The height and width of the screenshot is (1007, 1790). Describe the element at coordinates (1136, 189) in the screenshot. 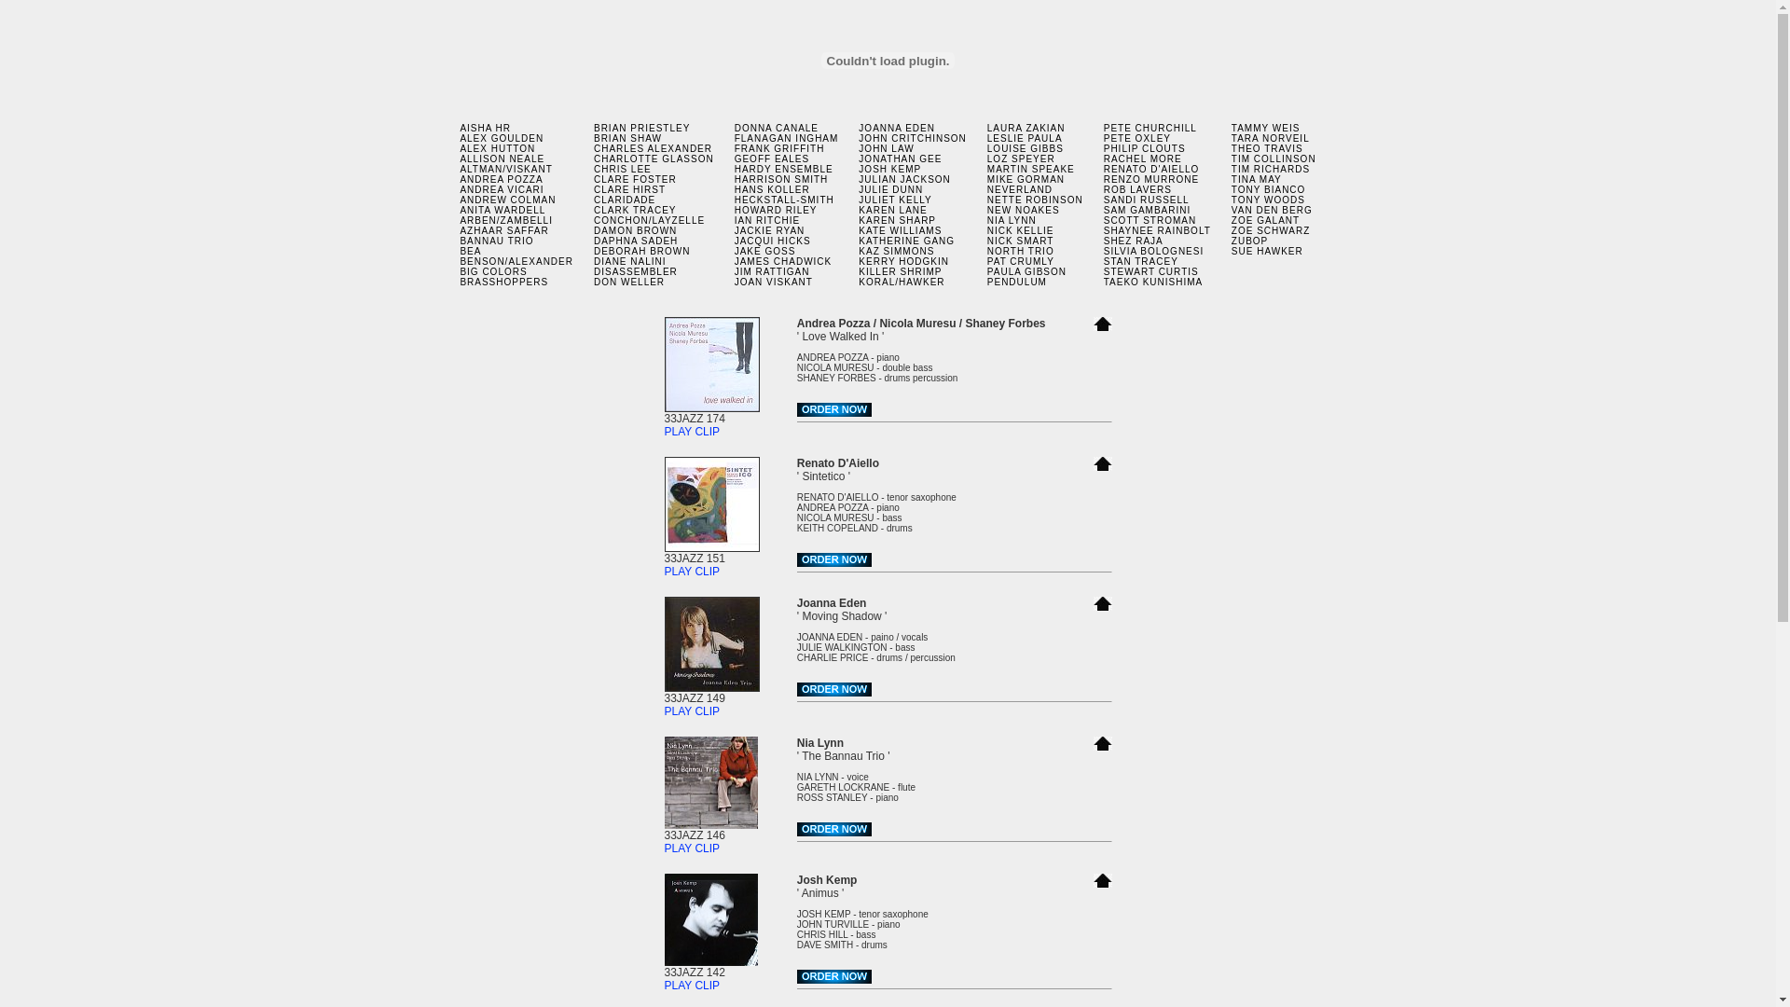

I see `'ROB LAVERS'` at that location.